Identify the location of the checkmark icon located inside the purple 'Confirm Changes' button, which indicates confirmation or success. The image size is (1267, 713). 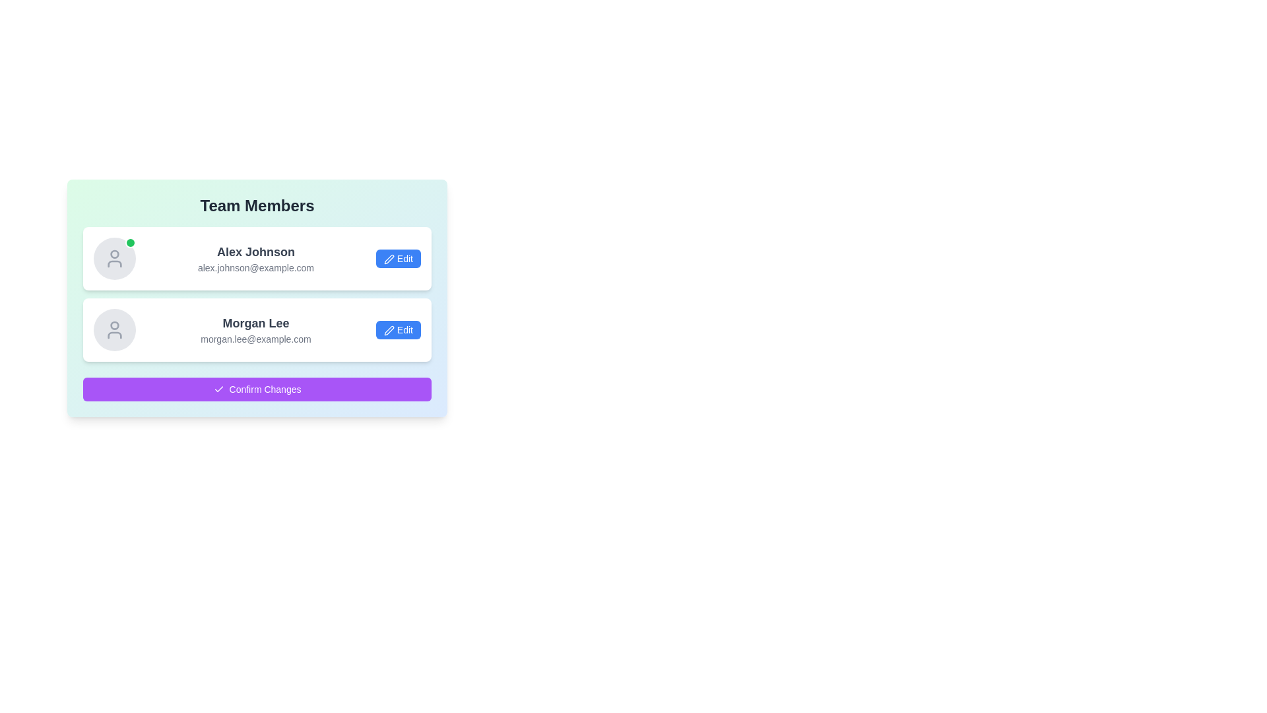
(218, 389).